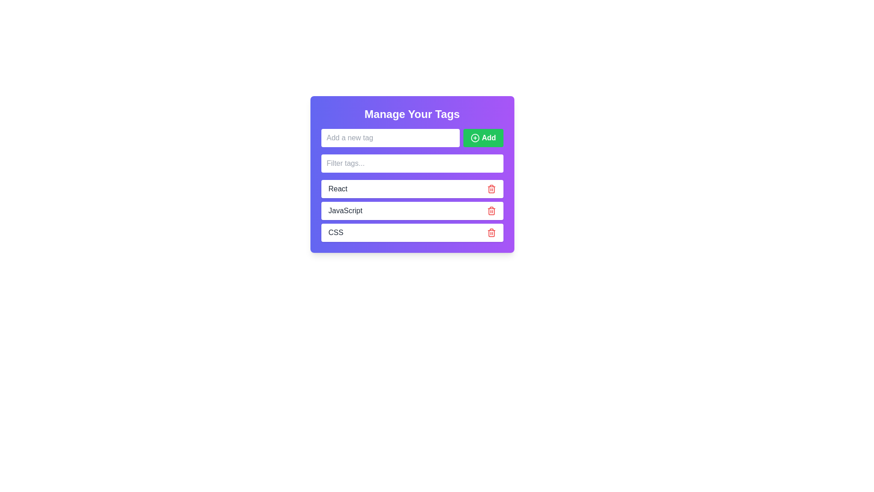 Image resolution: width=874 pixels, height=492 pixels. I want to click on the label text that provides context for managing tags, which is positioned centrally above the input field and tag items, so click(412, 113).